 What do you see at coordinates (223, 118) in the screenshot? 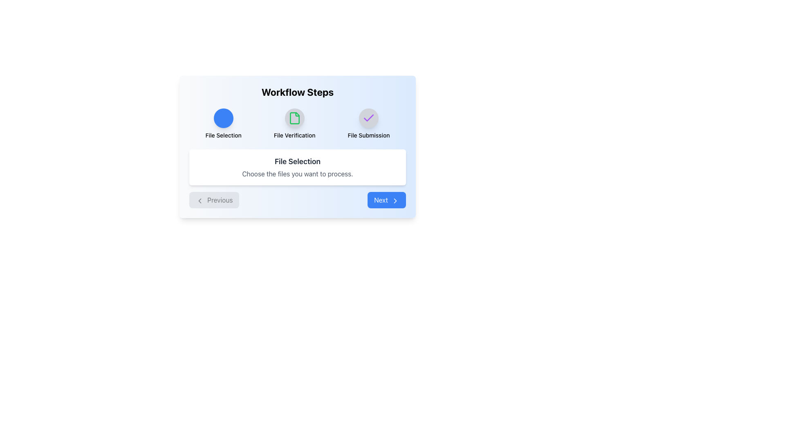
I see `the 'File Selection' button in the upper-left section of the 'Workflow Steps' layout, which is the first of three buttons` at bounding box center [223, 118].